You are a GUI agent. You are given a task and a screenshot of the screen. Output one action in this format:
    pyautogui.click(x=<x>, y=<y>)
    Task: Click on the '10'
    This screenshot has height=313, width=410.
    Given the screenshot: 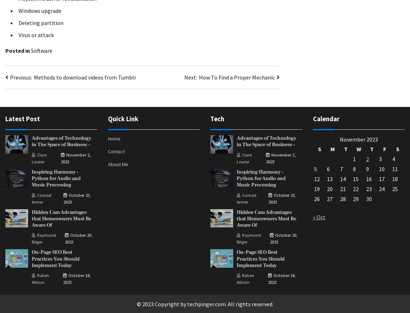 What is the action you would take?
    pyautogui.click(x=381, y=169)
    